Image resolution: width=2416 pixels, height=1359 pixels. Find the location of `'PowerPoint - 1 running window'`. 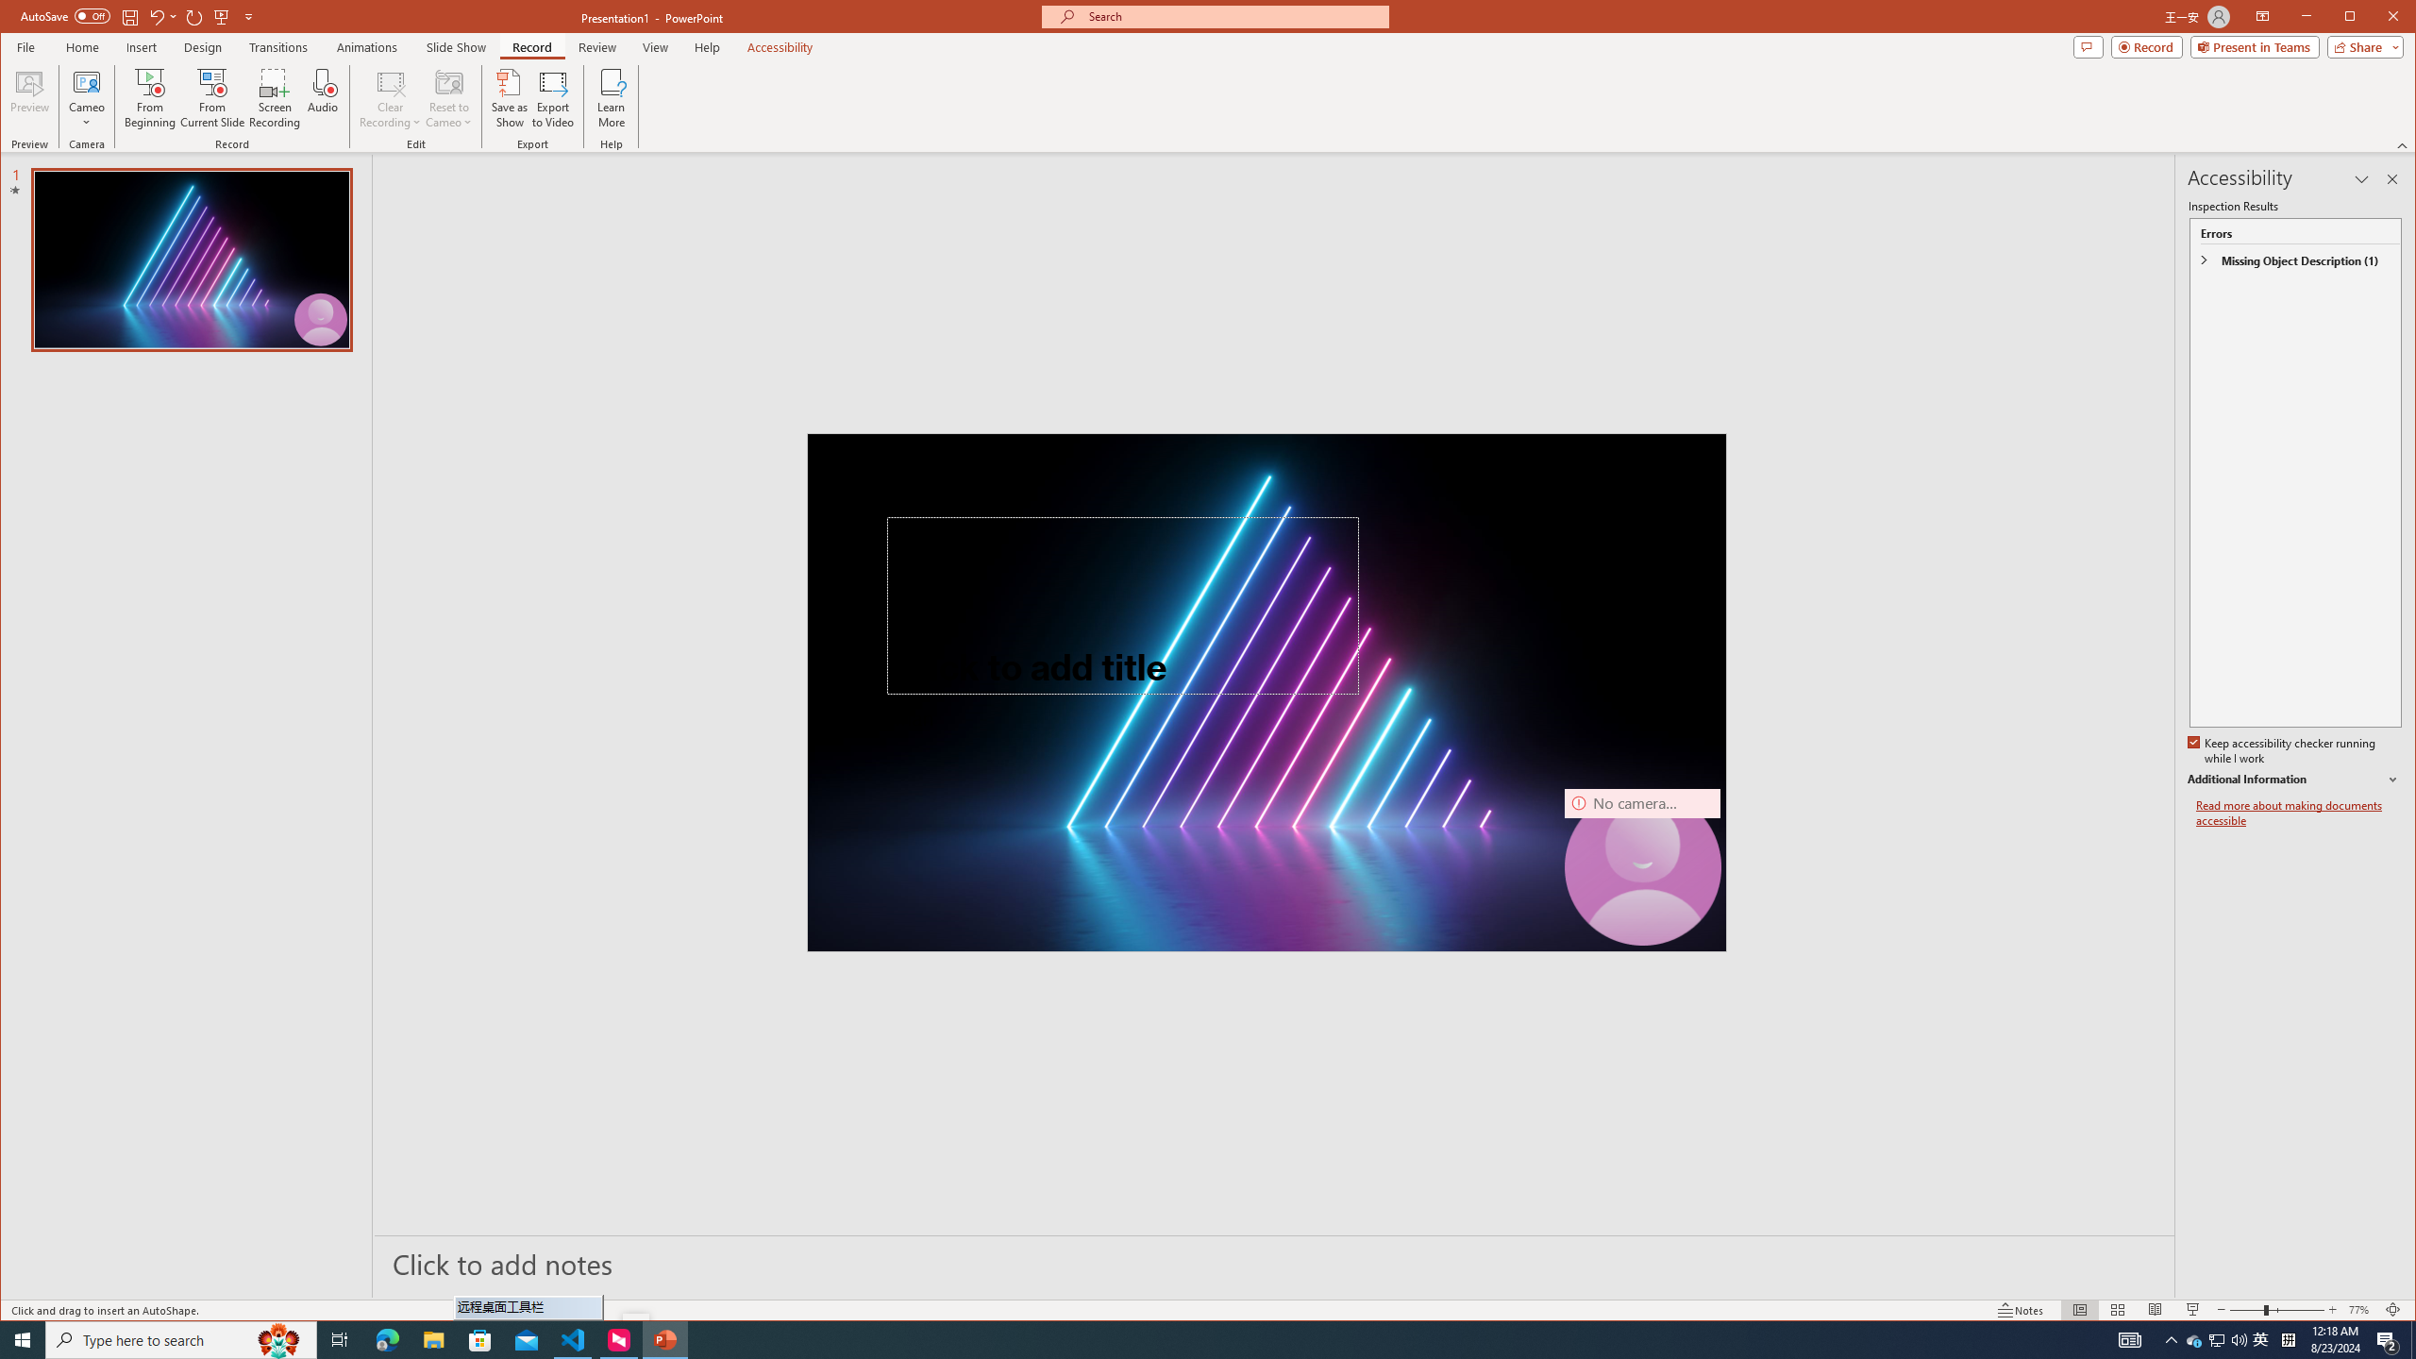

'PowerPoint - 1 running window' is located at coordinates (665, 1338).